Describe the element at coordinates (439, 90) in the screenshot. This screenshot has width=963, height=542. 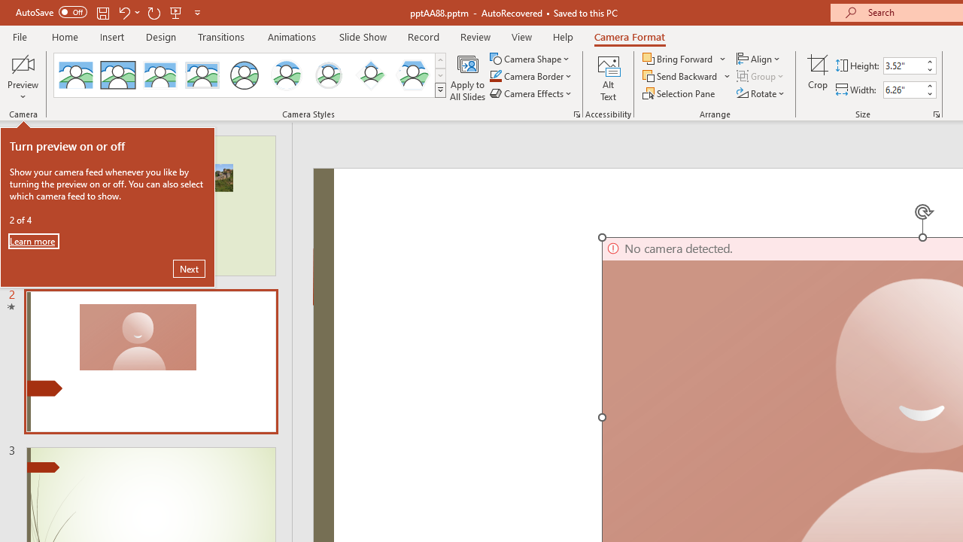
I see `'Camera Styles'` at that location.